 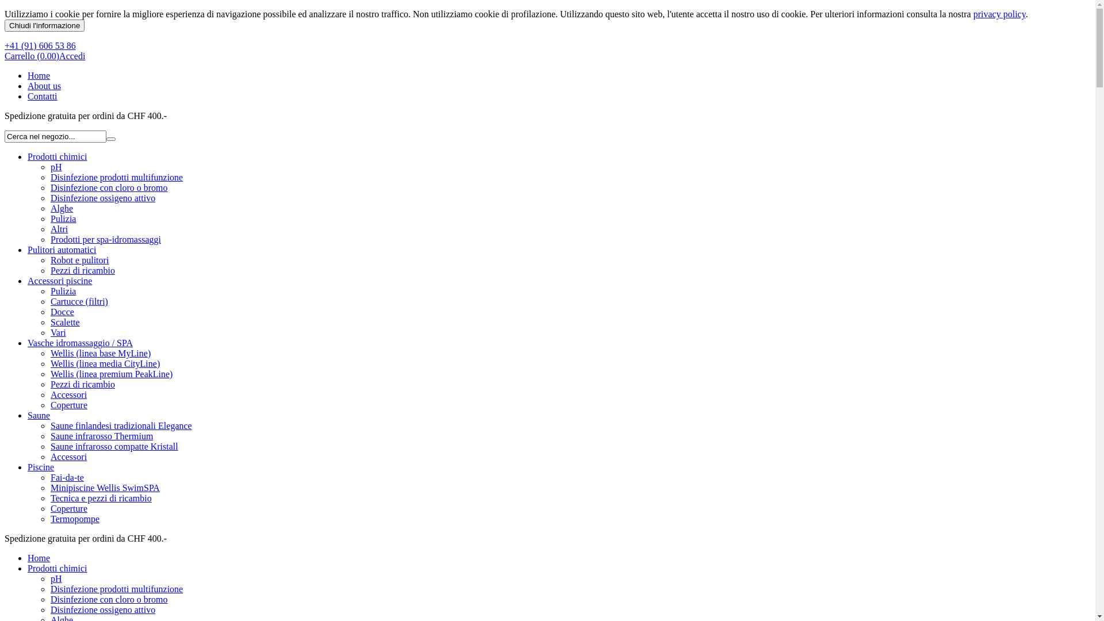 What do you see at coordinates (100, 352) in the screenshot?
I see `'Wellis (linea base MyLine)'` at bounding box center [100, 352].